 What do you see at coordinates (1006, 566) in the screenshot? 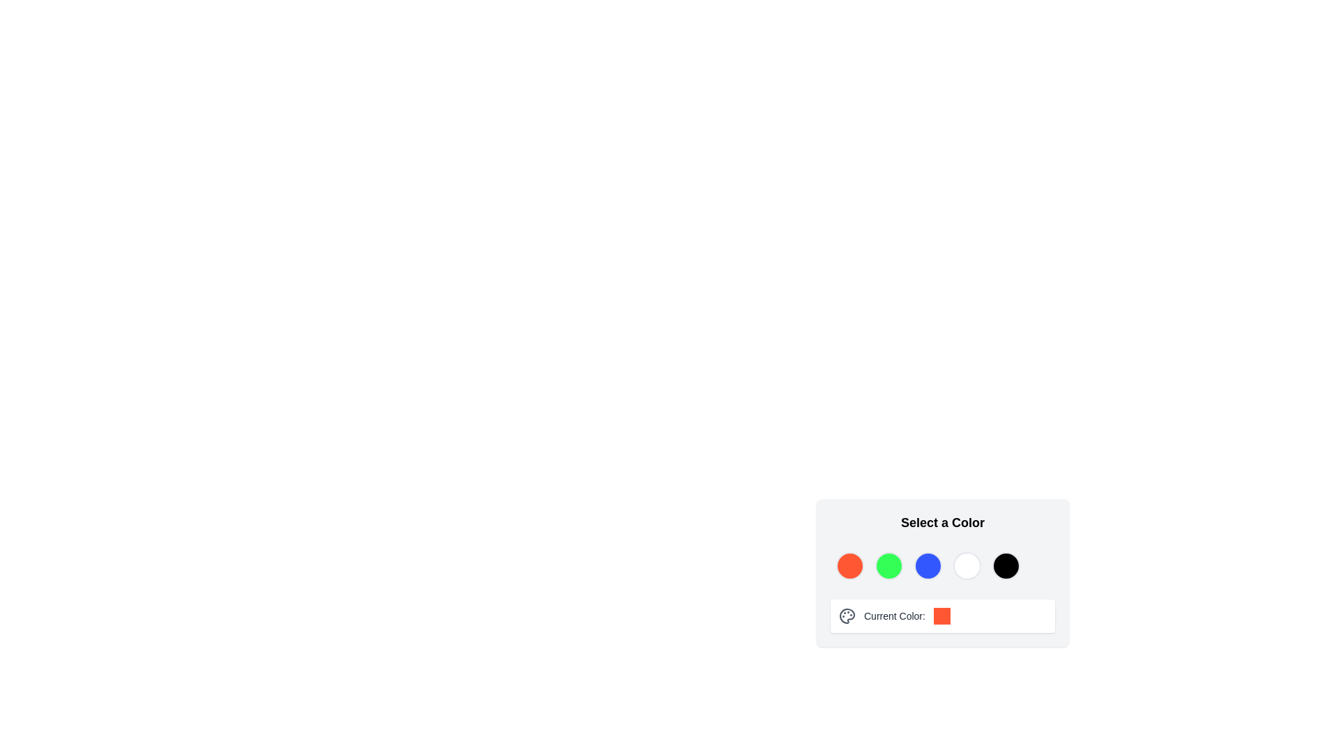
I see `the circular Color selection button with a solid black background located in the dropdown under 'Select a Color'` at bounding box center [1006, 566].